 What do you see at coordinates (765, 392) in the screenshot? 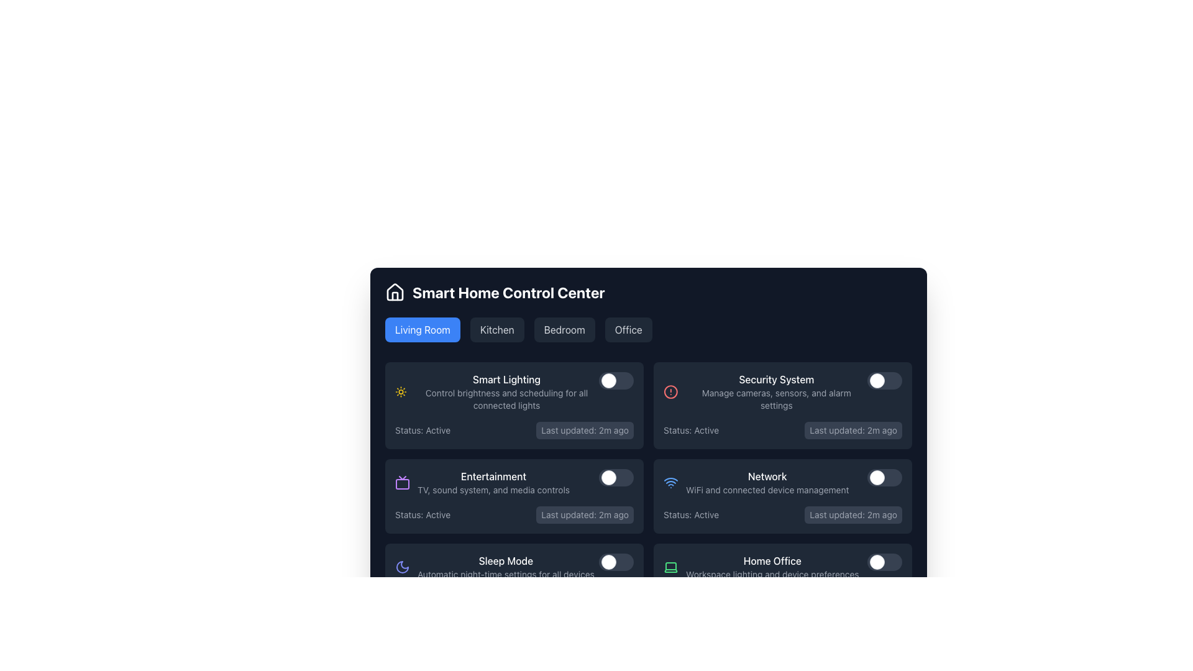
I see `the 'Security System' informational card, which is the second card in the upper row of the grid layout in the 'Living Room' tab of the 'Smart Home Control Center'` at bounding box center [765, 392].